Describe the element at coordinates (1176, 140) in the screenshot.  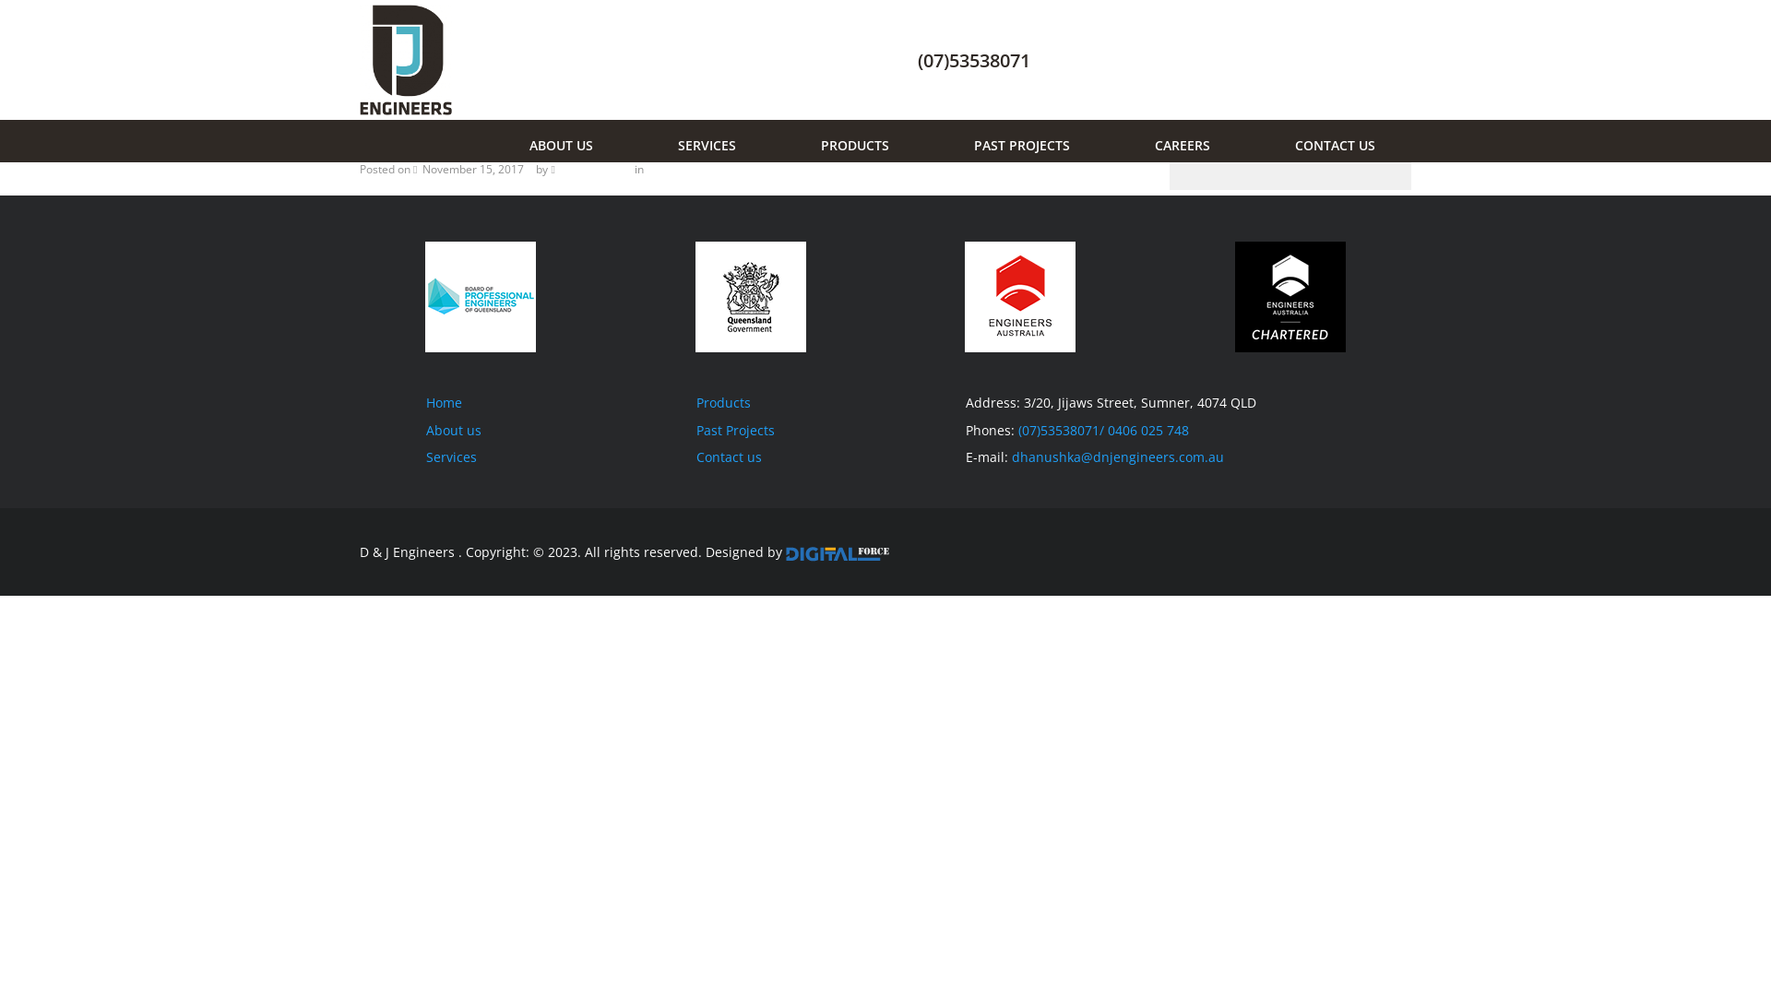
I see `'CAREERS'` at that location.